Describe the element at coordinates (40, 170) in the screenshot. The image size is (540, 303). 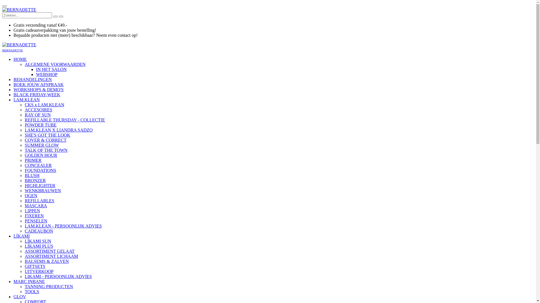
I see `'FOUNDATIONS'` at that location.